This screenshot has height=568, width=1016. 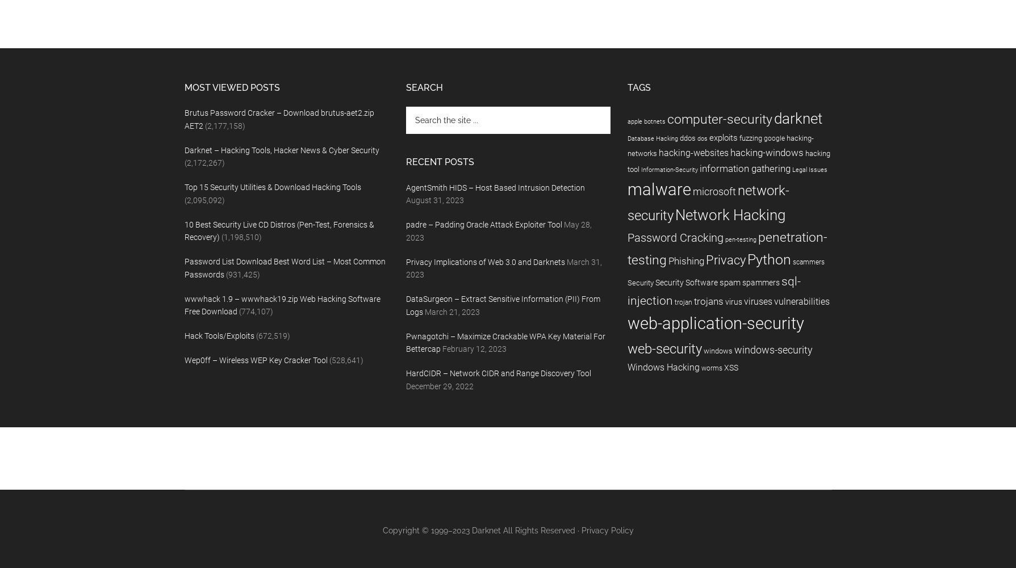 What do you see at coordinates (773, 350) in the screenshot?
I see `'windows-security'` at bounding box center [773, 350].